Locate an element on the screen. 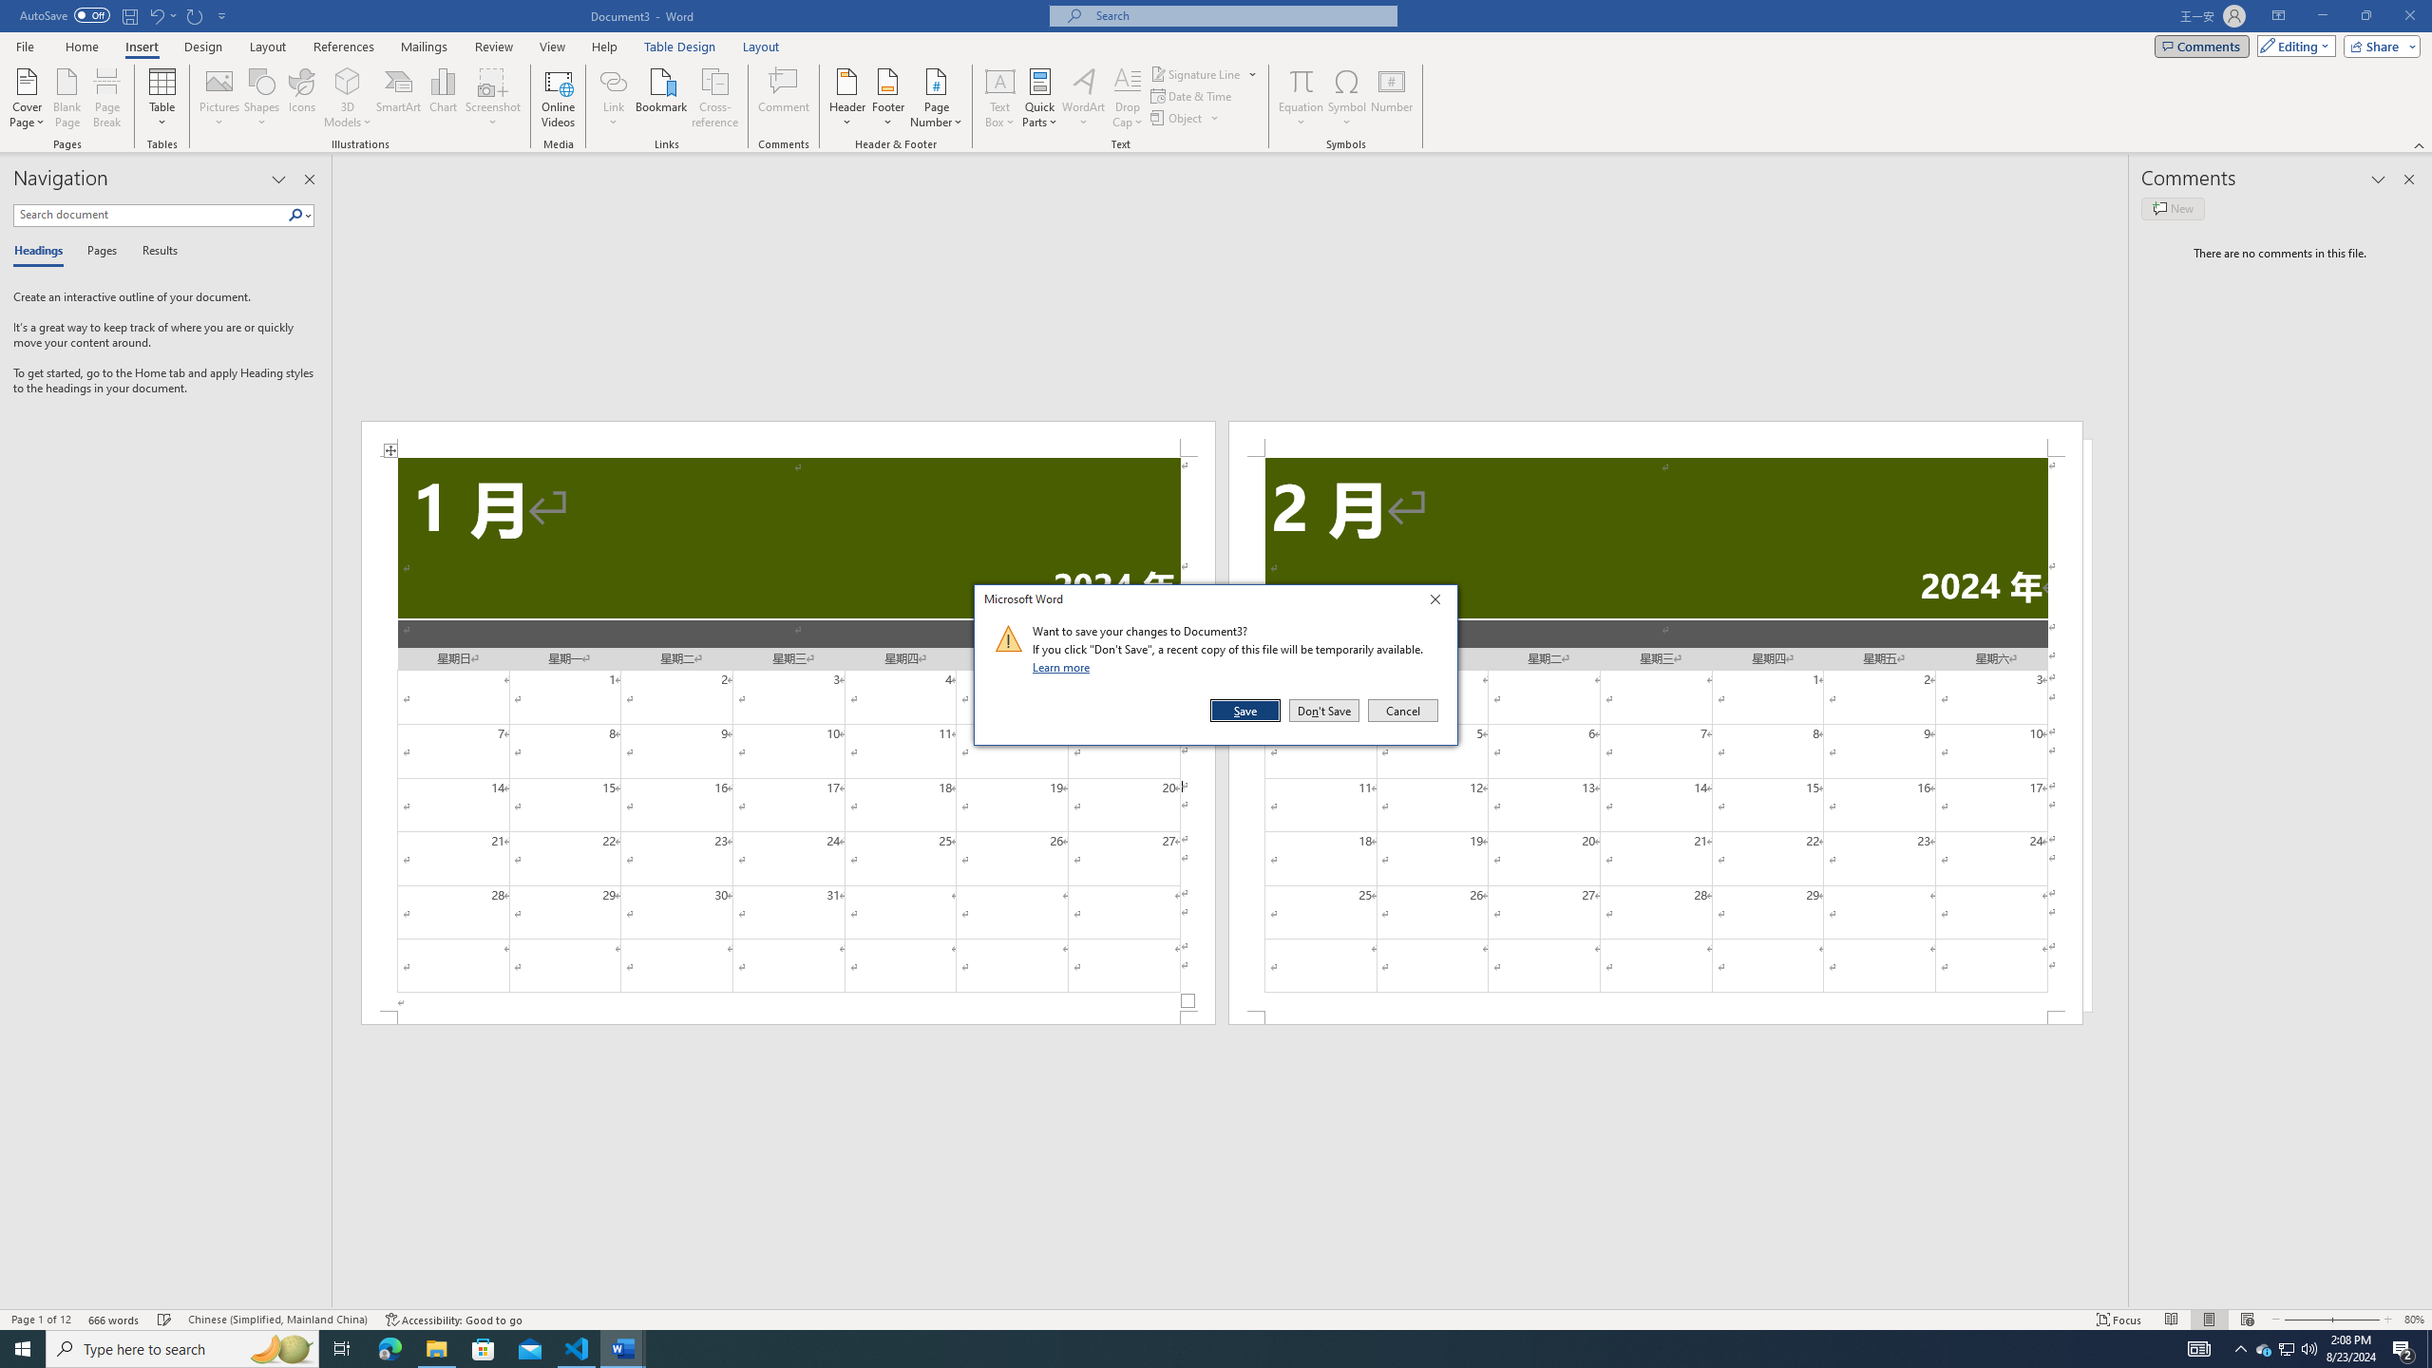  'Read Mode' is located at coordinates (2172, 1320).